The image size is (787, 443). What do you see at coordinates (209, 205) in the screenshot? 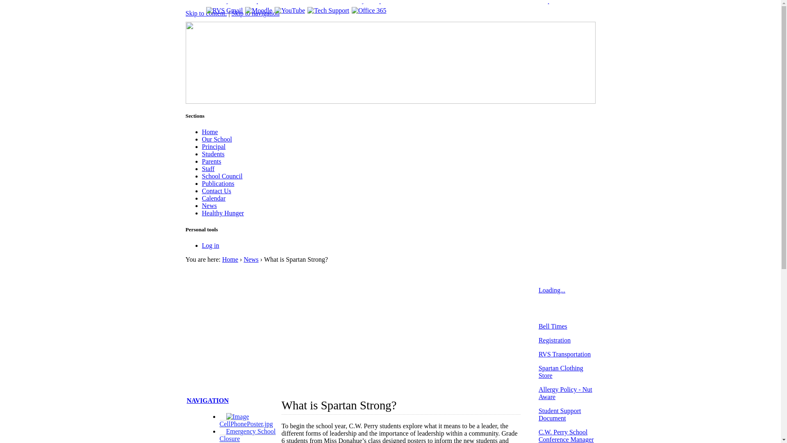
I see `'News'` at bounding box center [209, 205].